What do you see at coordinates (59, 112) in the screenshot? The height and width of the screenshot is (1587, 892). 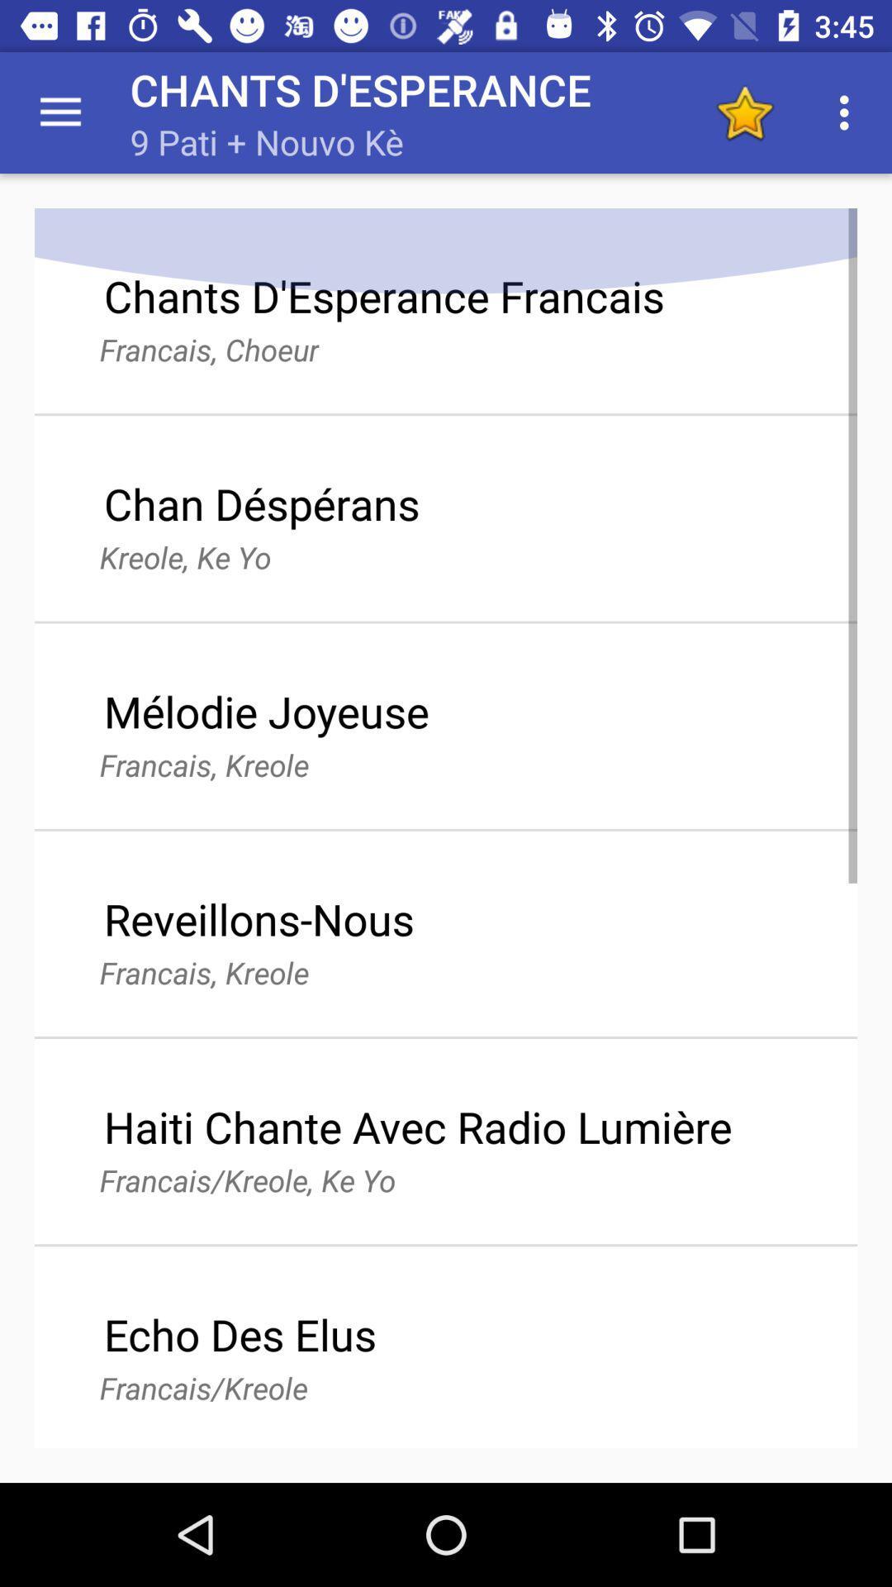 I see `the app next to the chants d'esperance app` at bounding box center [59, 112].